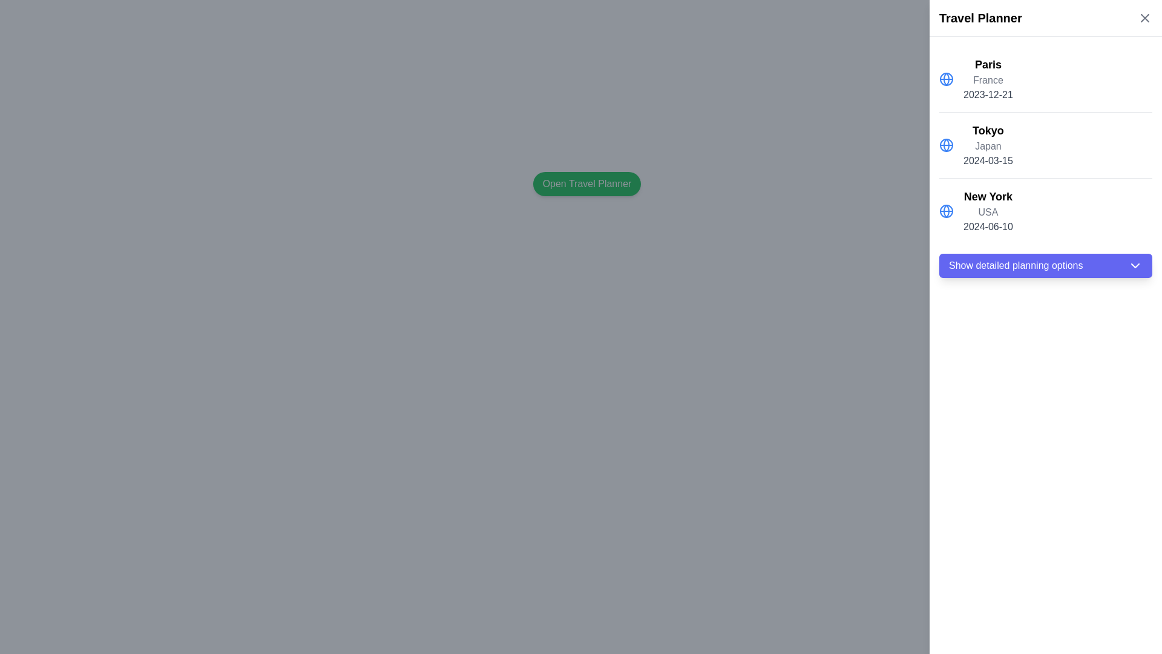 The height and width of the screenshot is (654, 1162). I want to click on the circular icon with a blue outline featuring a globe symbol, which is prominently located near the left side of its group, adjacent to the text details about 'Tokyo', 'Japan', and a date, so click(946, 79).